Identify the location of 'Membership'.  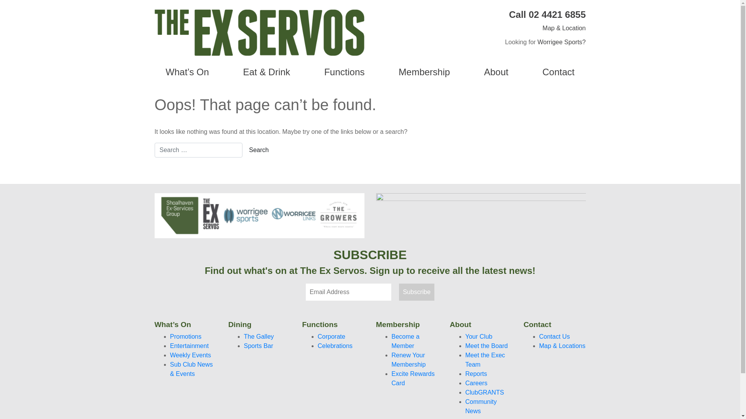
(424, 72).